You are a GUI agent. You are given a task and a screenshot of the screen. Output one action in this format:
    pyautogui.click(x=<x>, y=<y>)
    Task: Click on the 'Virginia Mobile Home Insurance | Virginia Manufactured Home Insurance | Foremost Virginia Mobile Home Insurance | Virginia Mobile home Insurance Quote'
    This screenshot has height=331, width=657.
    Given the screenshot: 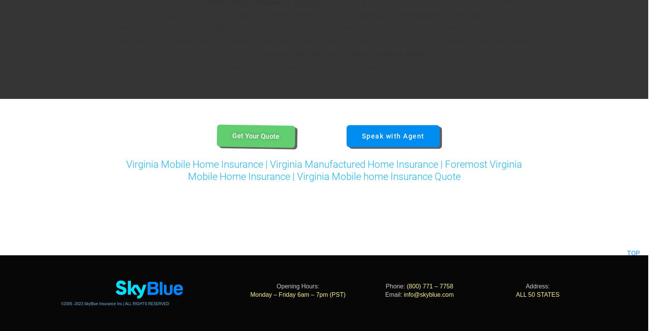 What is the action you would take?
    pyautogui.click(x=324, y=170)
    